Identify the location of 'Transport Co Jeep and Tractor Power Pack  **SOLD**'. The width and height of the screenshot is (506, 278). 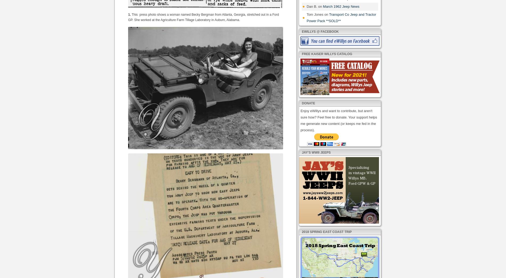
(341, 17).